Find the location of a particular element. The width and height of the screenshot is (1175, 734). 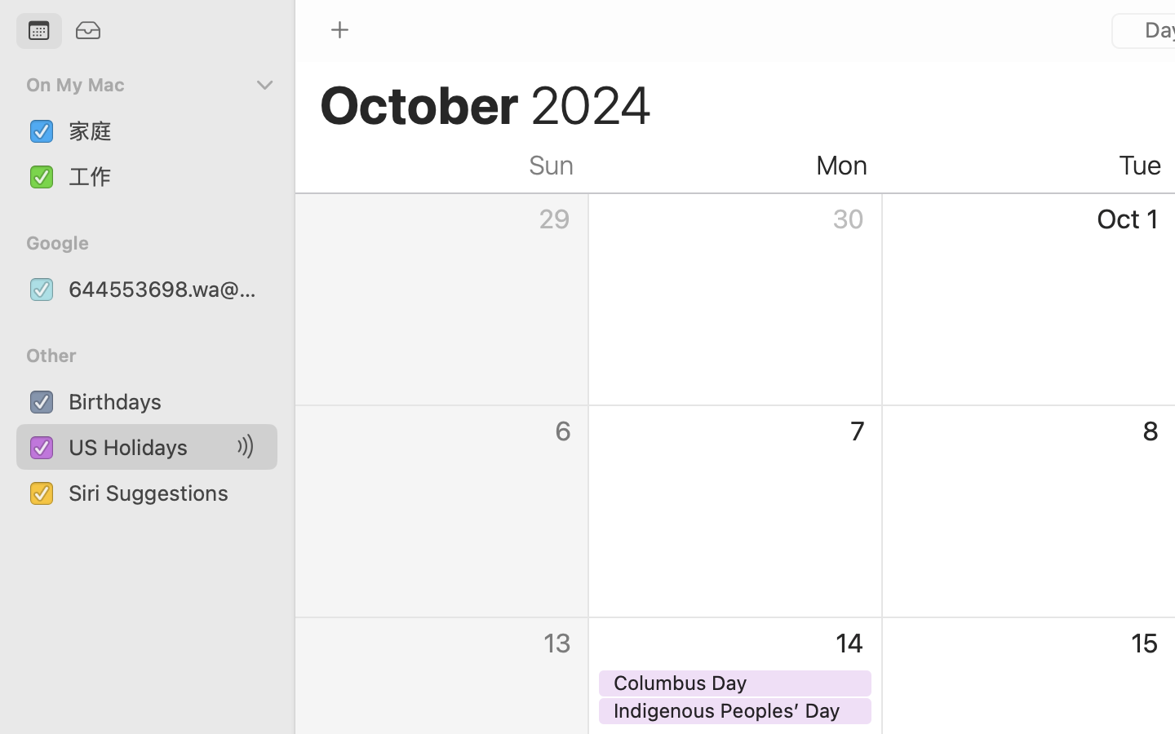

'644553698.wa@gmail.com' is located at coordinates (166, 288).